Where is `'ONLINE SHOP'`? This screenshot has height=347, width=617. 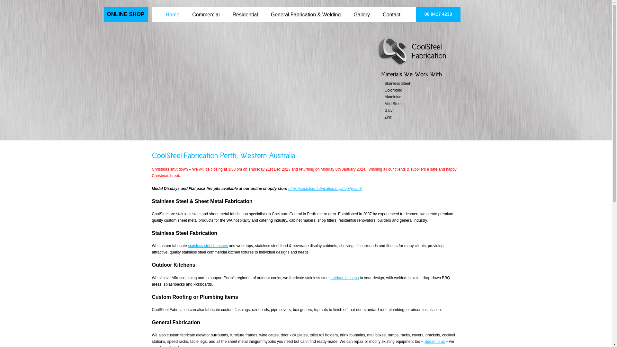
'ONLINE SHOP' is located at coordinates (125, 14).